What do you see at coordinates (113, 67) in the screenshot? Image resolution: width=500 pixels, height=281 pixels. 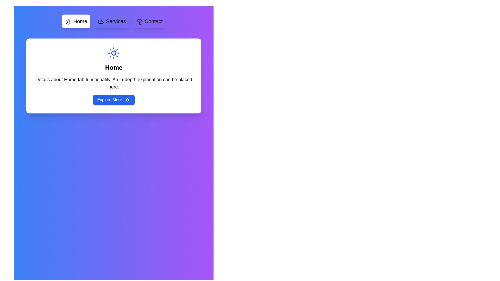 I see `the header text element that serves as the title for the section detailing the Home tab functionality, located below a sun-shaped icon and above the explanatory text` at bounding box center [113, 67].